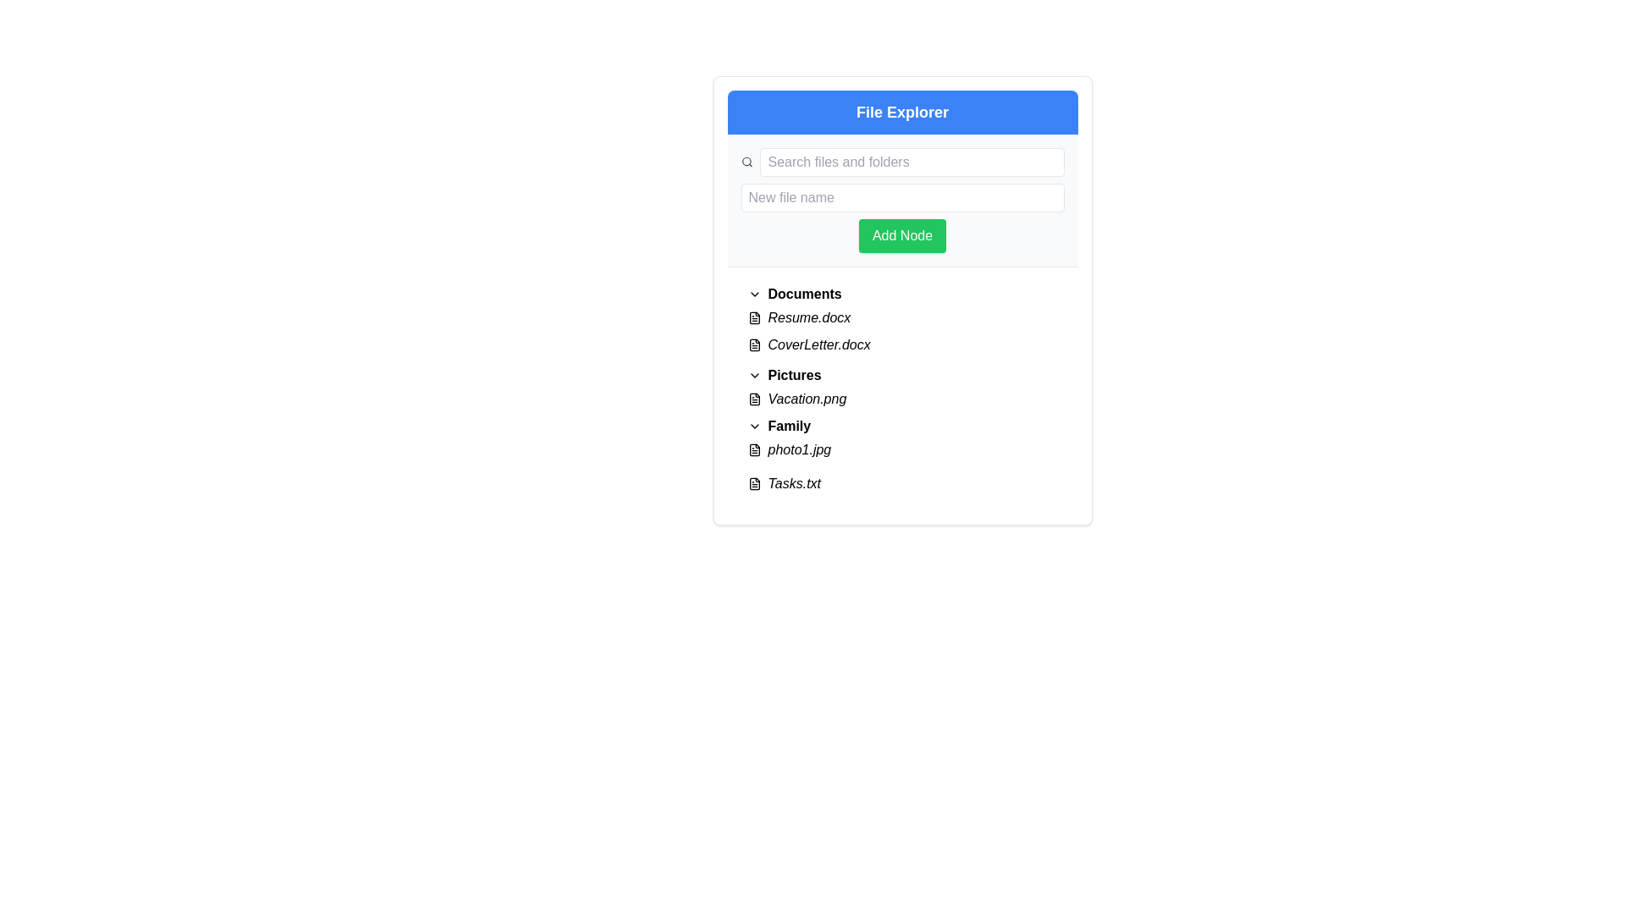 The width and height of the screenshot is (1625, 914). Describe the element at coordinates (901, 388) in the screenshot. I see `an item in the list within the file explorer interface, which is styled with a white background and shadow, located in the central lower half of the interface` at that location.